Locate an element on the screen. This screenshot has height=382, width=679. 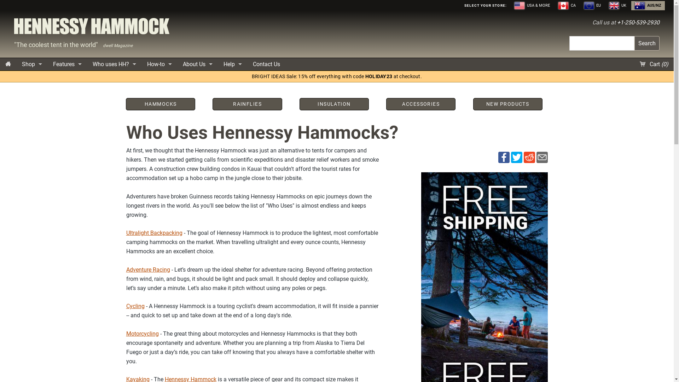
'How-to' is located at coordinates (141, 64).